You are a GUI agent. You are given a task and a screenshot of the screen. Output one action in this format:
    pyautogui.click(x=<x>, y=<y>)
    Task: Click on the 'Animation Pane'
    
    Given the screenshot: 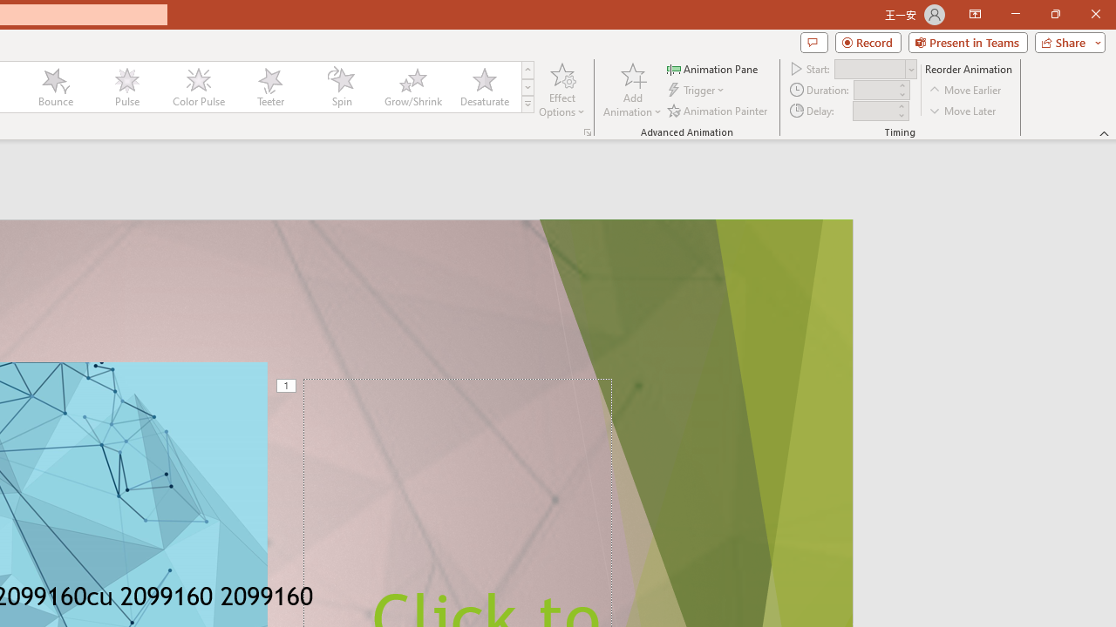 What is the action you would take?
    pyautogui.click(x=713, y=68)
    